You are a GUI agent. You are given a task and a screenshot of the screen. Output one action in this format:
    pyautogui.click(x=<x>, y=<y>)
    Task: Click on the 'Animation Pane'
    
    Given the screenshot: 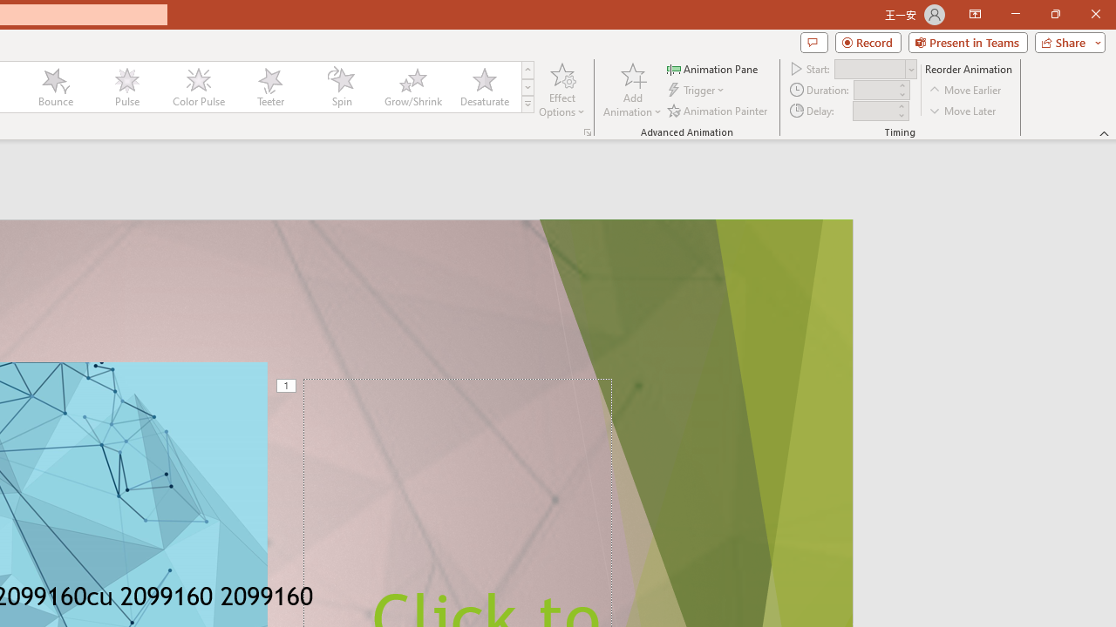 What is the action you would take?
    pyautogui.click(x=713, y=68)
    